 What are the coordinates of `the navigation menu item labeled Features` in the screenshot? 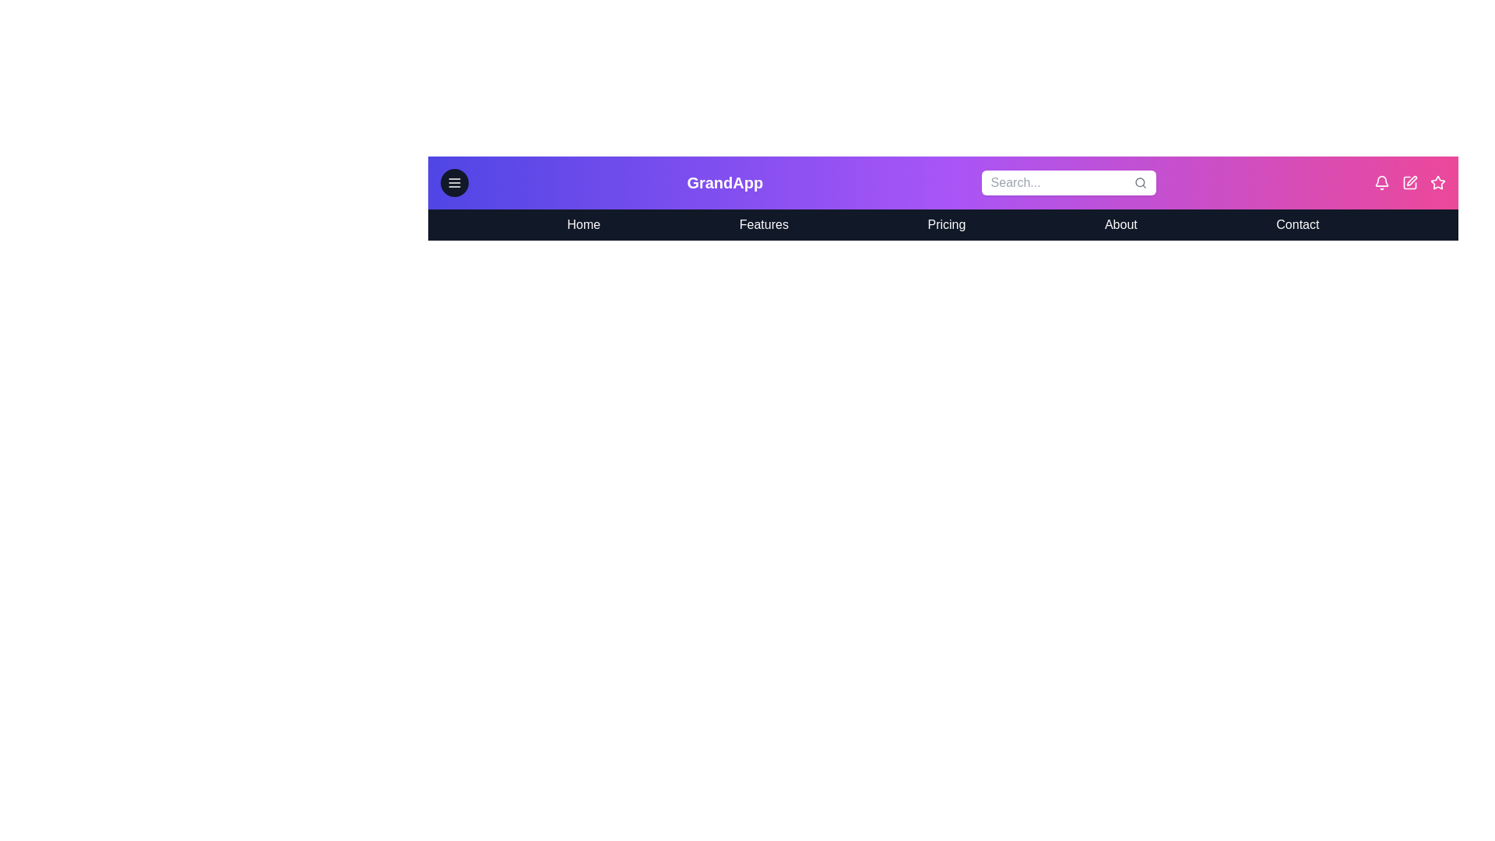 It's located at (764, 225).